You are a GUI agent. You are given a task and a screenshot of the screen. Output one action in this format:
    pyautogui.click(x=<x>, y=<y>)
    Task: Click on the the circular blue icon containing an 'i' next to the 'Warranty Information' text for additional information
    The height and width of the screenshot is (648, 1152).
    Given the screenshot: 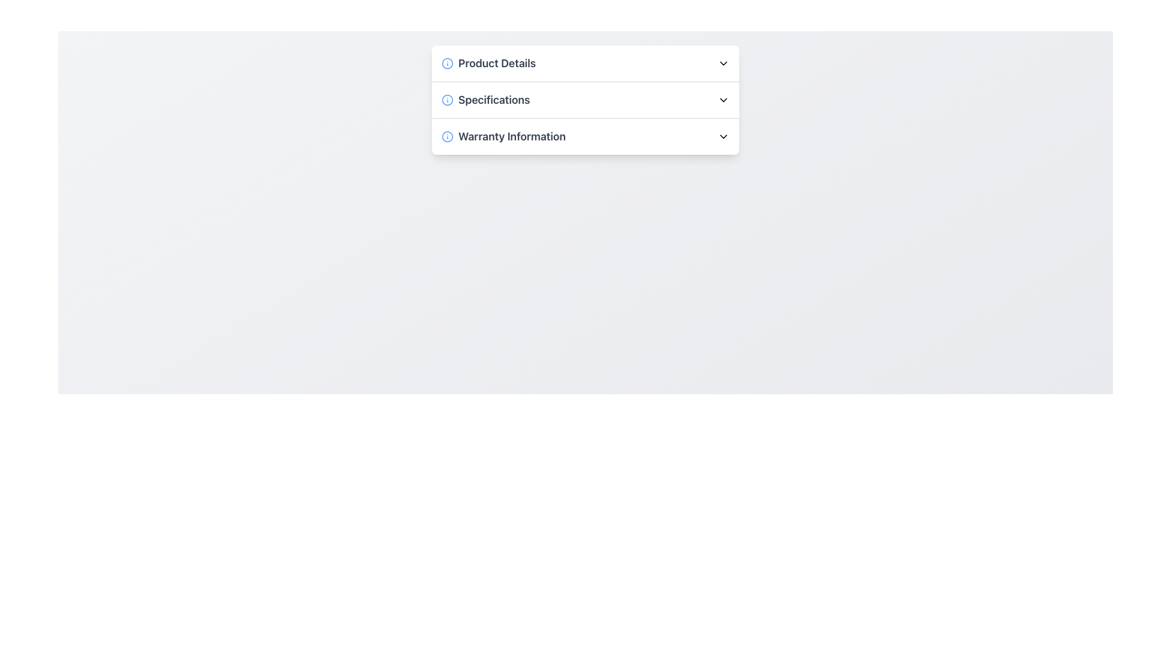 What is the action you would take?
    pyautogui.click(x=503, y=136)
    